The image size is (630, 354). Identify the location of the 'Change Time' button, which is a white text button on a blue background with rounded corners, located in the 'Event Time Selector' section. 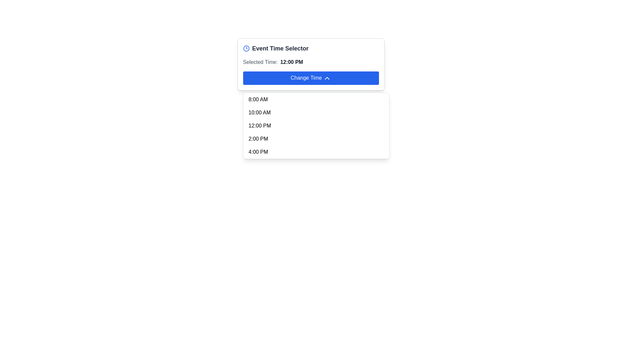
(310, 78).